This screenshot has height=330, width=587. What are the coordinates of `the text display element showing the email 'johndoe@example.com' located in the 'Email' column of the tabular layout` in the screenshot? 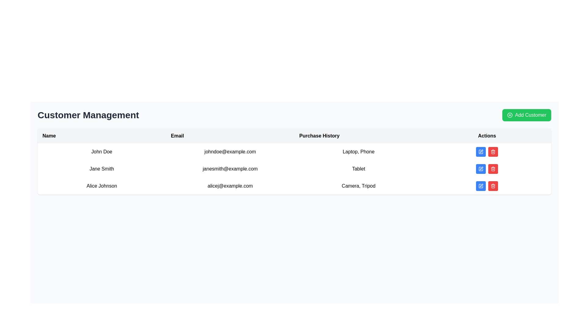 It's located at (230, 152).